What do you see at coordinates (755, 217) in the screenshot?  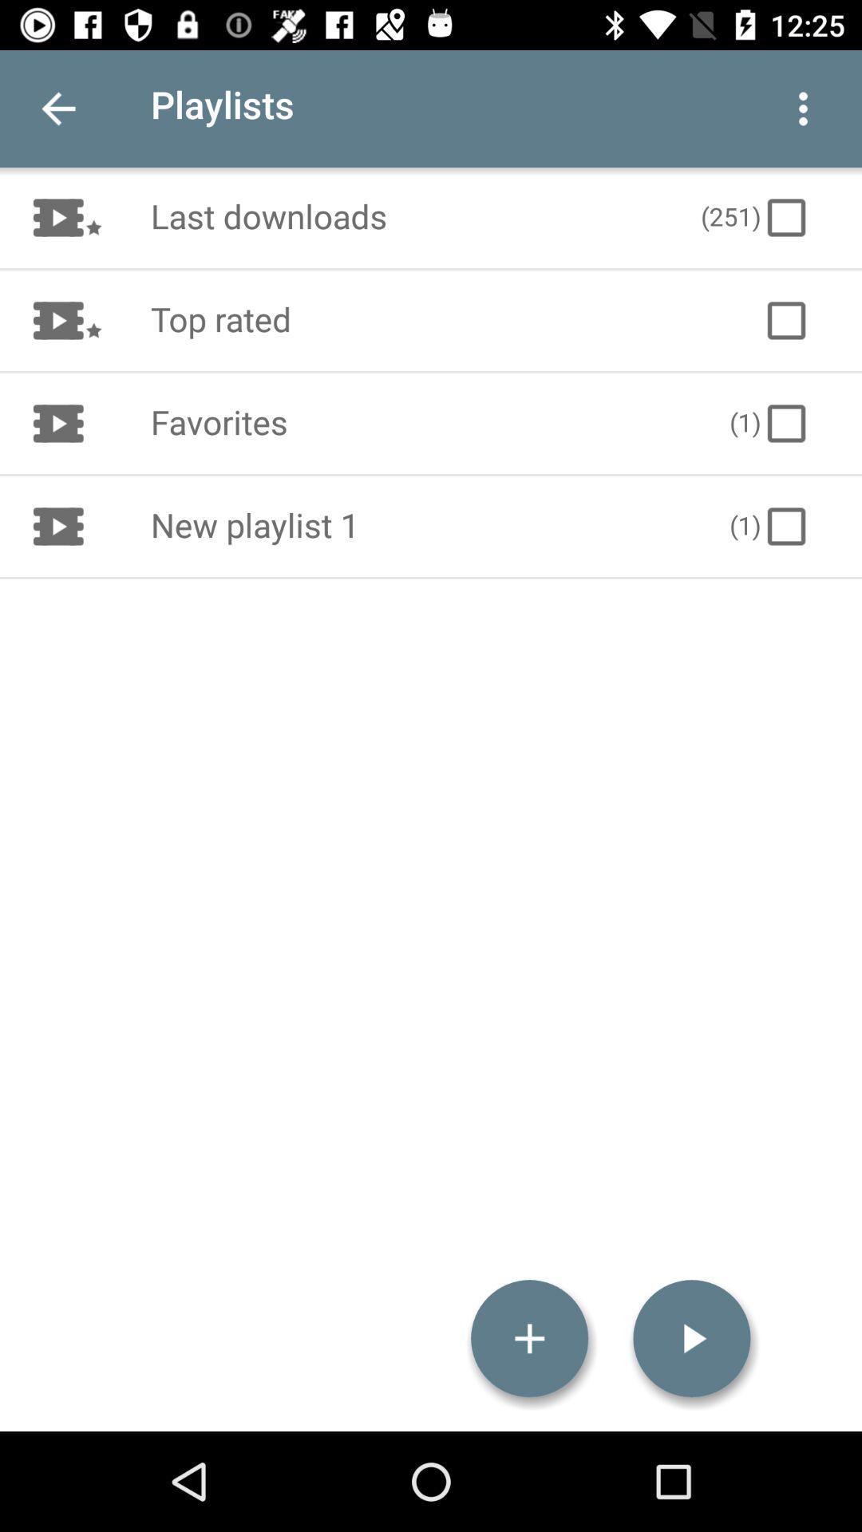 I see `the (251) item` at bounding box center [755, 217].